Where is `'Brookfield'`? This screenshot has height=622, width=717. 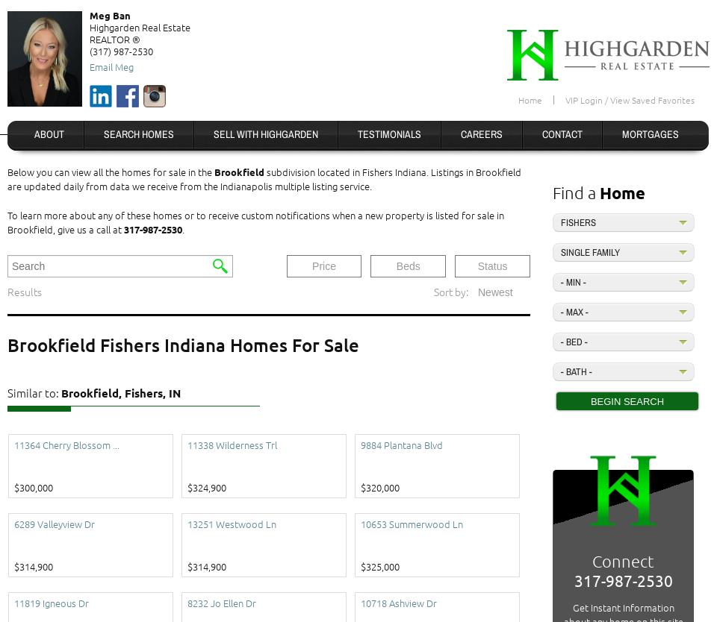
'Brookfield' is located at coordinates (214, 171).